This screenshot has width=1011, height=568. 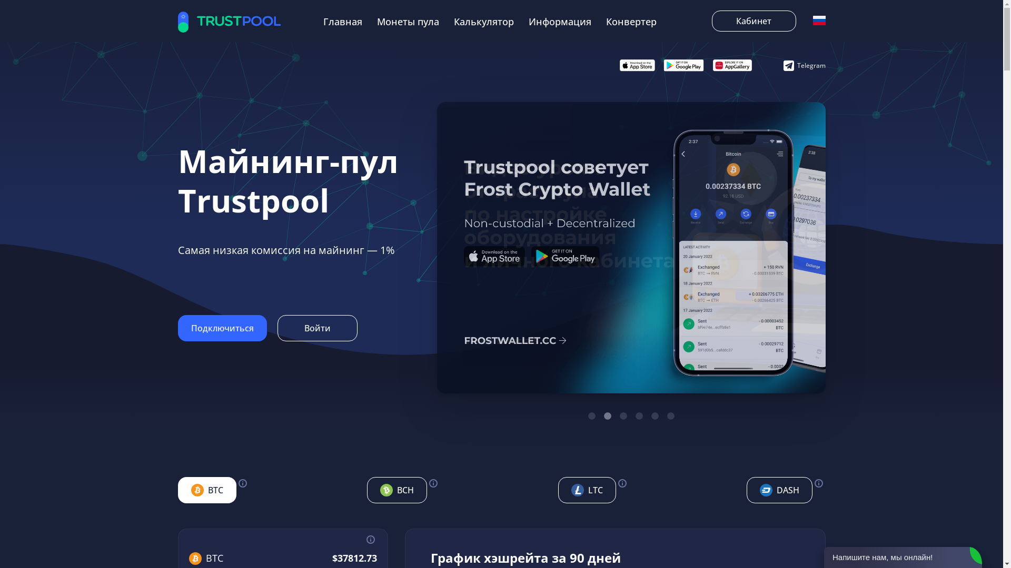 I want to click on '5', so click(x=654, y=415).